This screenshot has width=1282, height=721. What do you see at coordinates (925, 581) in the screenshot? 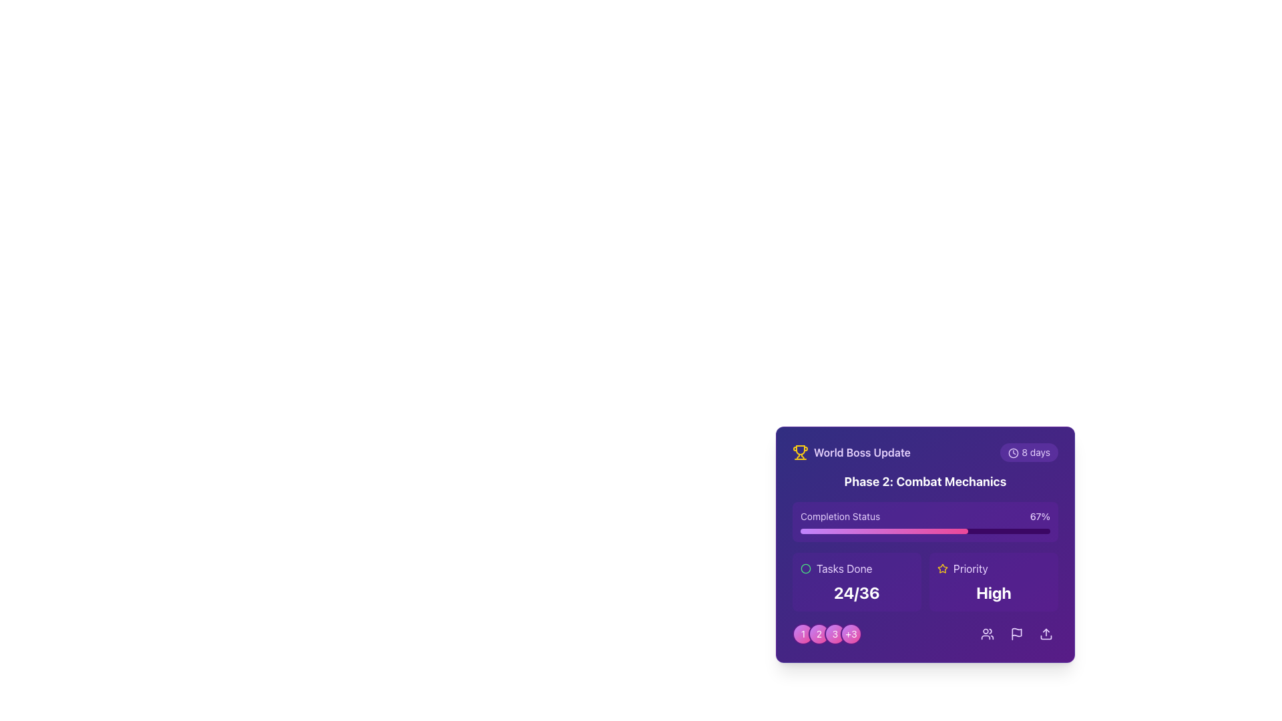
I see `the static information display in the grid layout that shows task progress and priority levels, located in the middle-right area of the card, below the completion status bar and above circular avatar icons` at bounding box center [925, 581].